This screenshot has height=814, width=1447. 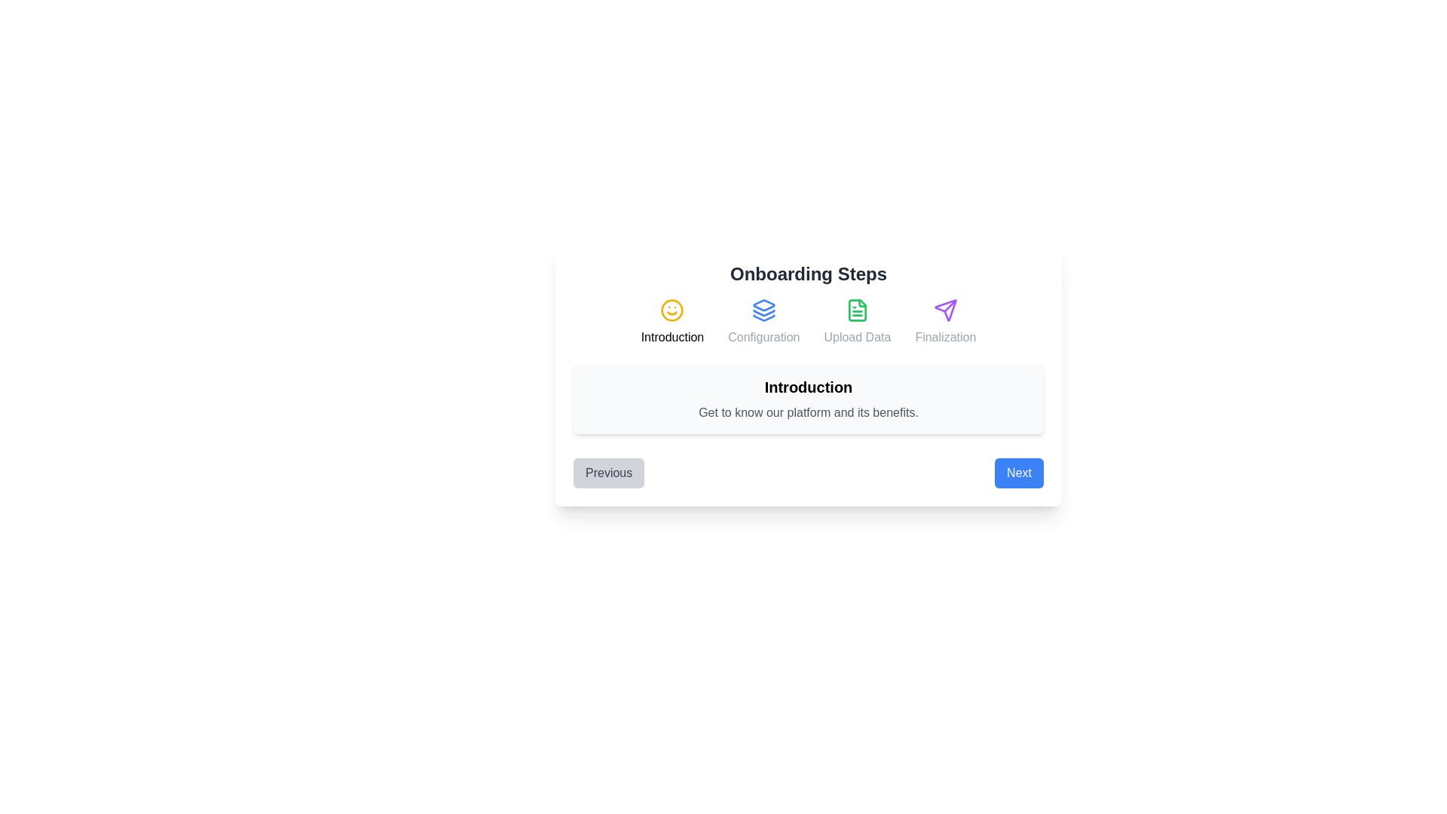 I want to click on the 'Next' button located at the bottom-right of the onboarding steps interface, so click(x=1019, y=473).